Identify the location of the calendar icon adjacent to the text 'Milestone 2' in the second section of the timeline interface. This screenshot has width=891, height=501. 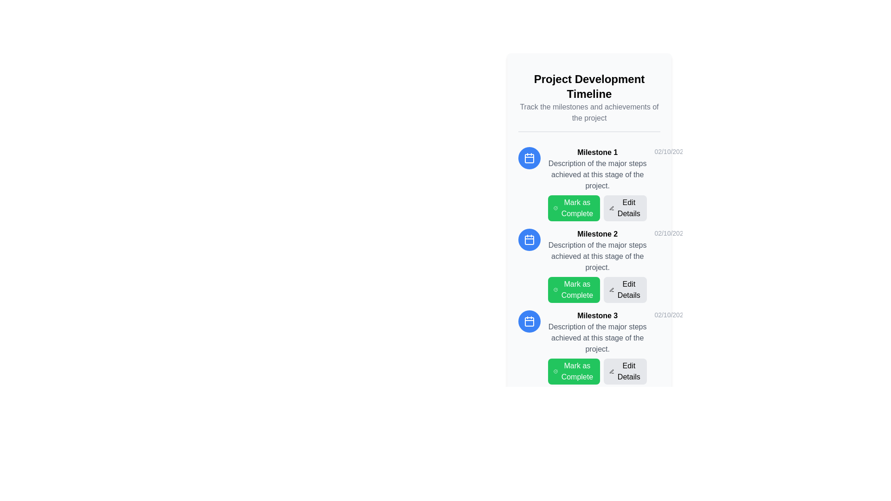
(529, 239).